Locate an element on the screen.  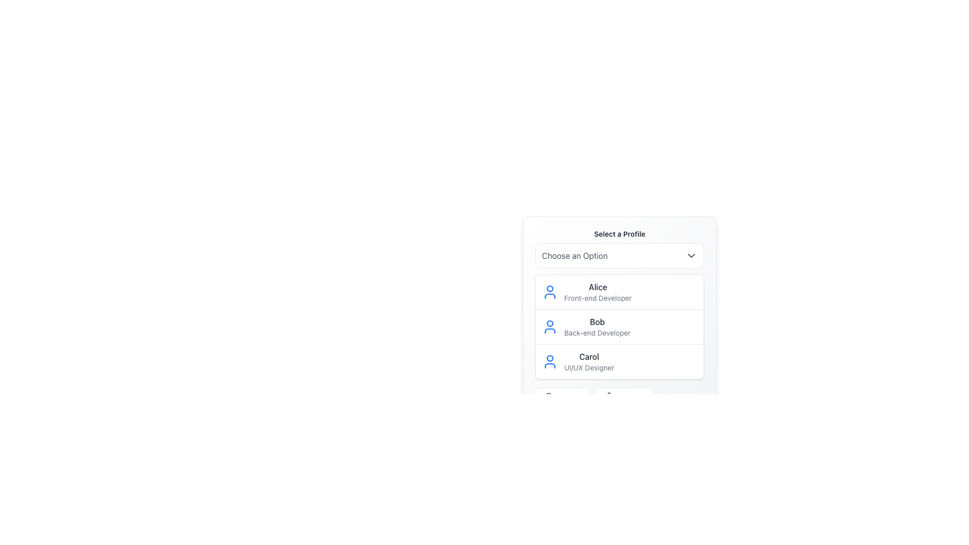
static text label displaying the occupation 'UI/UX Designer' for the user profile labeled 'Carol', which is the third entry in a vertical dropdown list is located at coordinates (589, 368).